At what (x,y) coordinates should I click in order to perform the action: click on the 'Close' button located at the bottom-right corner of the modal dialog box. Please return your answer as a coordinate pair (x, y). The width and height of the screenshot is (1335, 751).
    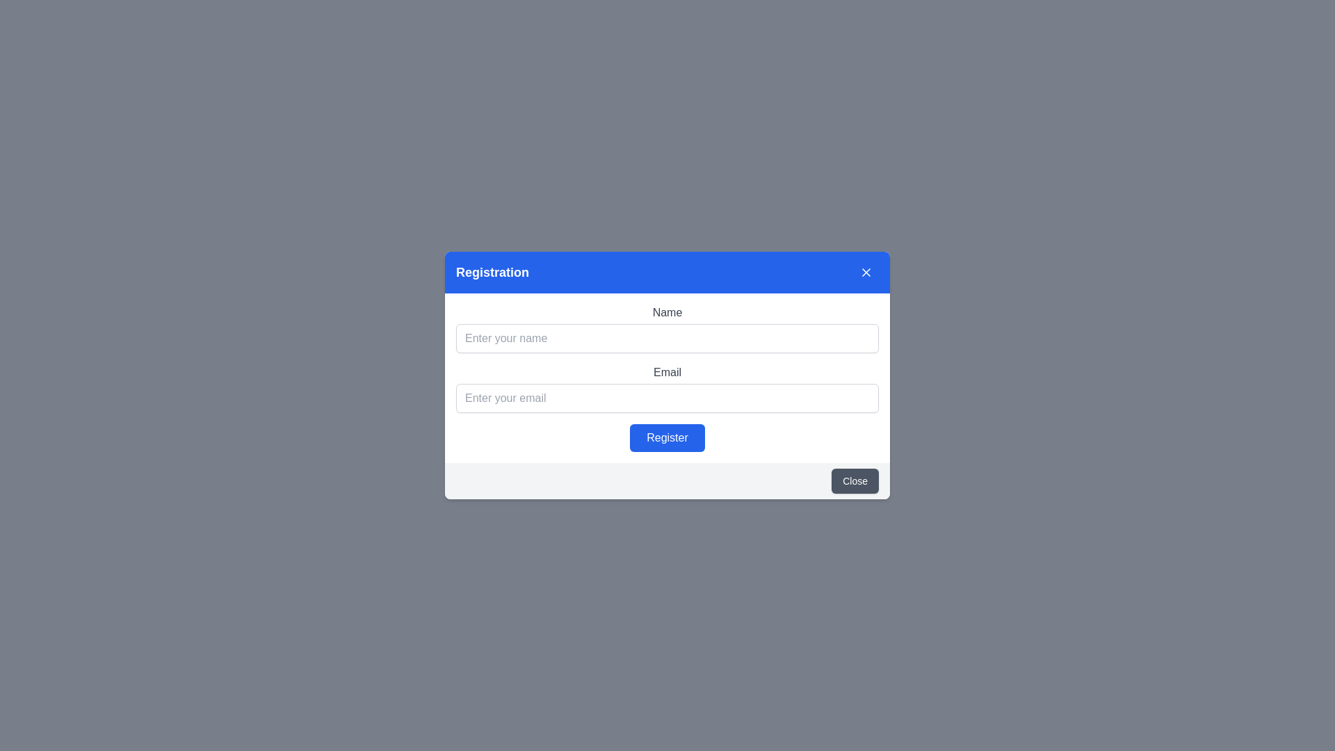
    Looking at the image, I should click on (854, 480).